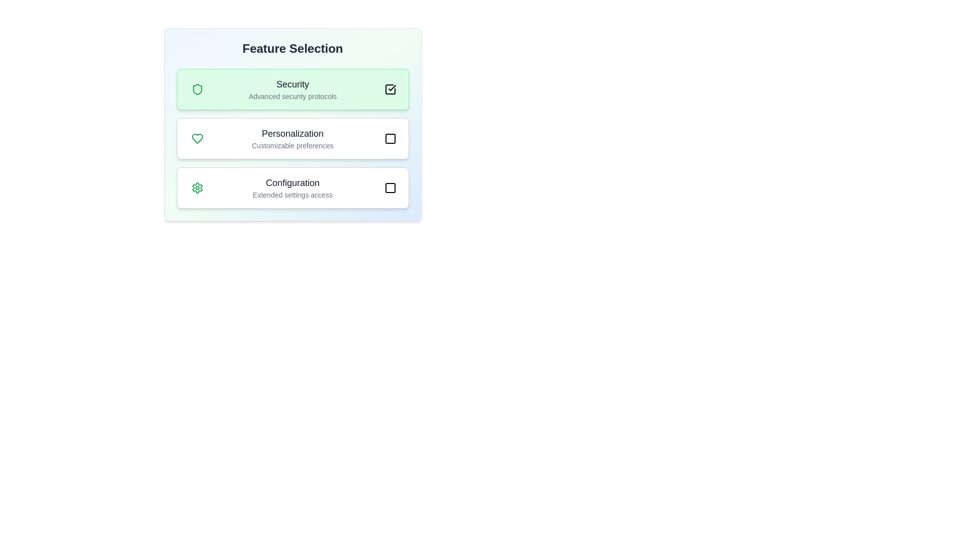  What do you see at coordinates (292, 133) in the screenshot?
I see `title text for the 'Personalization' feature, which is the main title of the second option in the feature selection interface` at bounding box center [292, 133].